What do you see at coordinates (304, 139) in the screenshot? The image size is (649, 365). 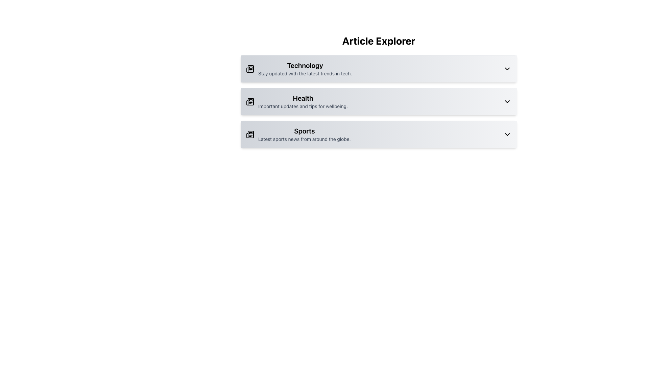 I see `the text element that reads 'Latest sports news from around the globe.' located beneath the 'Sports' title in the lower section of the vertical list layout` at bounding box center [304, 139].